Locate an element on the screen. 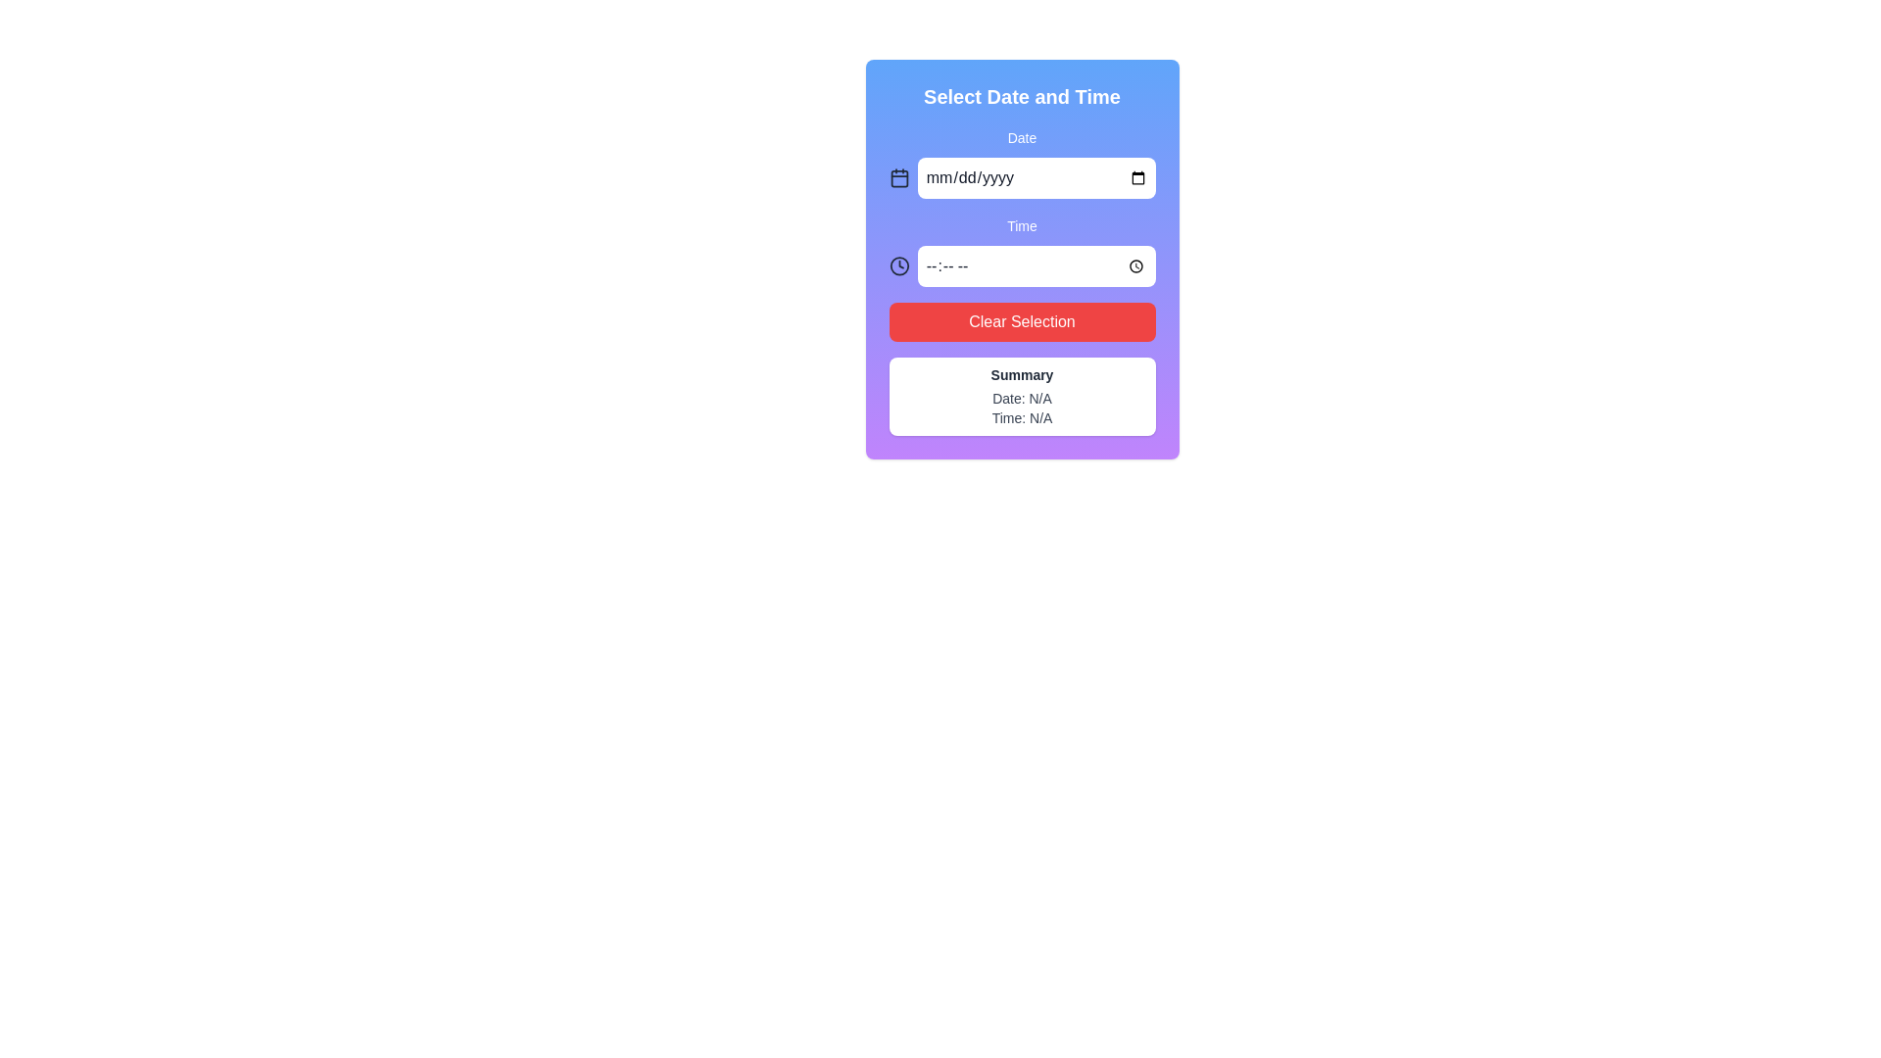 Image resolution: width=1881 pixels, height=1058 pixels. a time from the Time Input Field located beneath the 'Time' label, which features a clean white background and rounded corners, positioned below the 'Date' field is located at coordinates (1021, 266).